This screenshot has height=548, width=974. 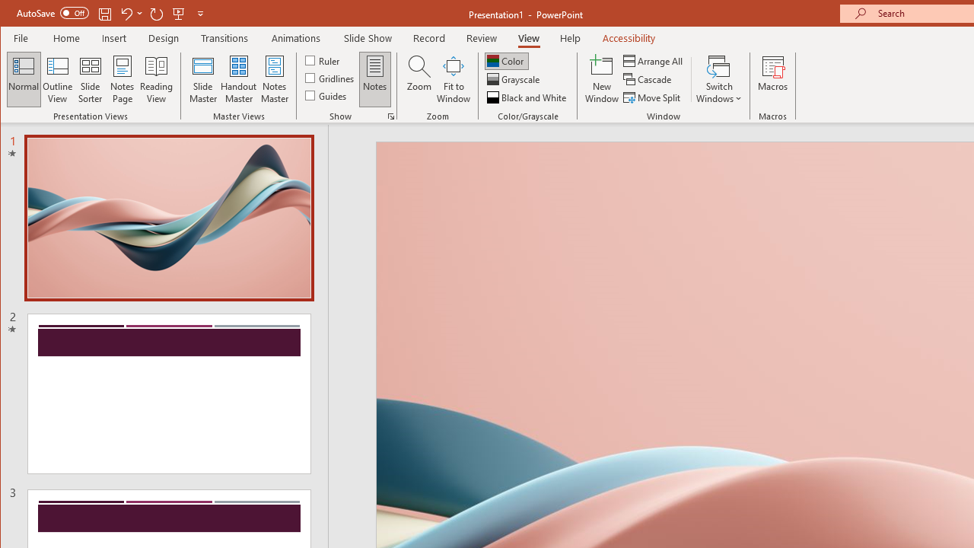 What do you see at coordinates (601, 79) in the screenshot?
I see `'New Window'` at bounding box center [601, 79].